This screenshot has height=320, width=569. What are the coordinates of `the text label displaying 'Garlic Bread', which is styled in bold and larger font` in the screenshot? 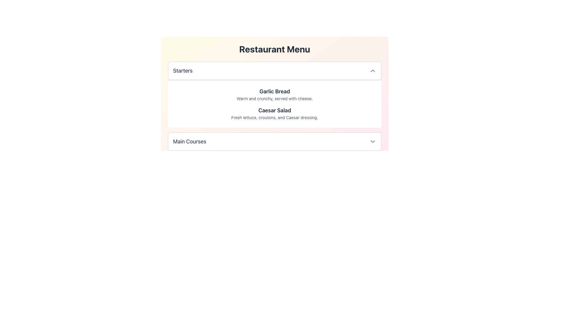 It's located at (274, 91).